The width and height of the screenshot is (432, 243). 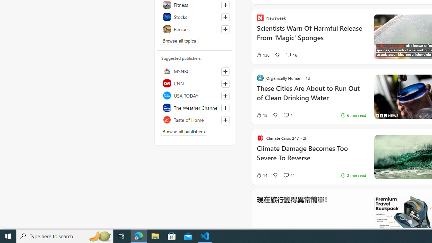 I want to click on '130 Like', so click(x=262, y=55).